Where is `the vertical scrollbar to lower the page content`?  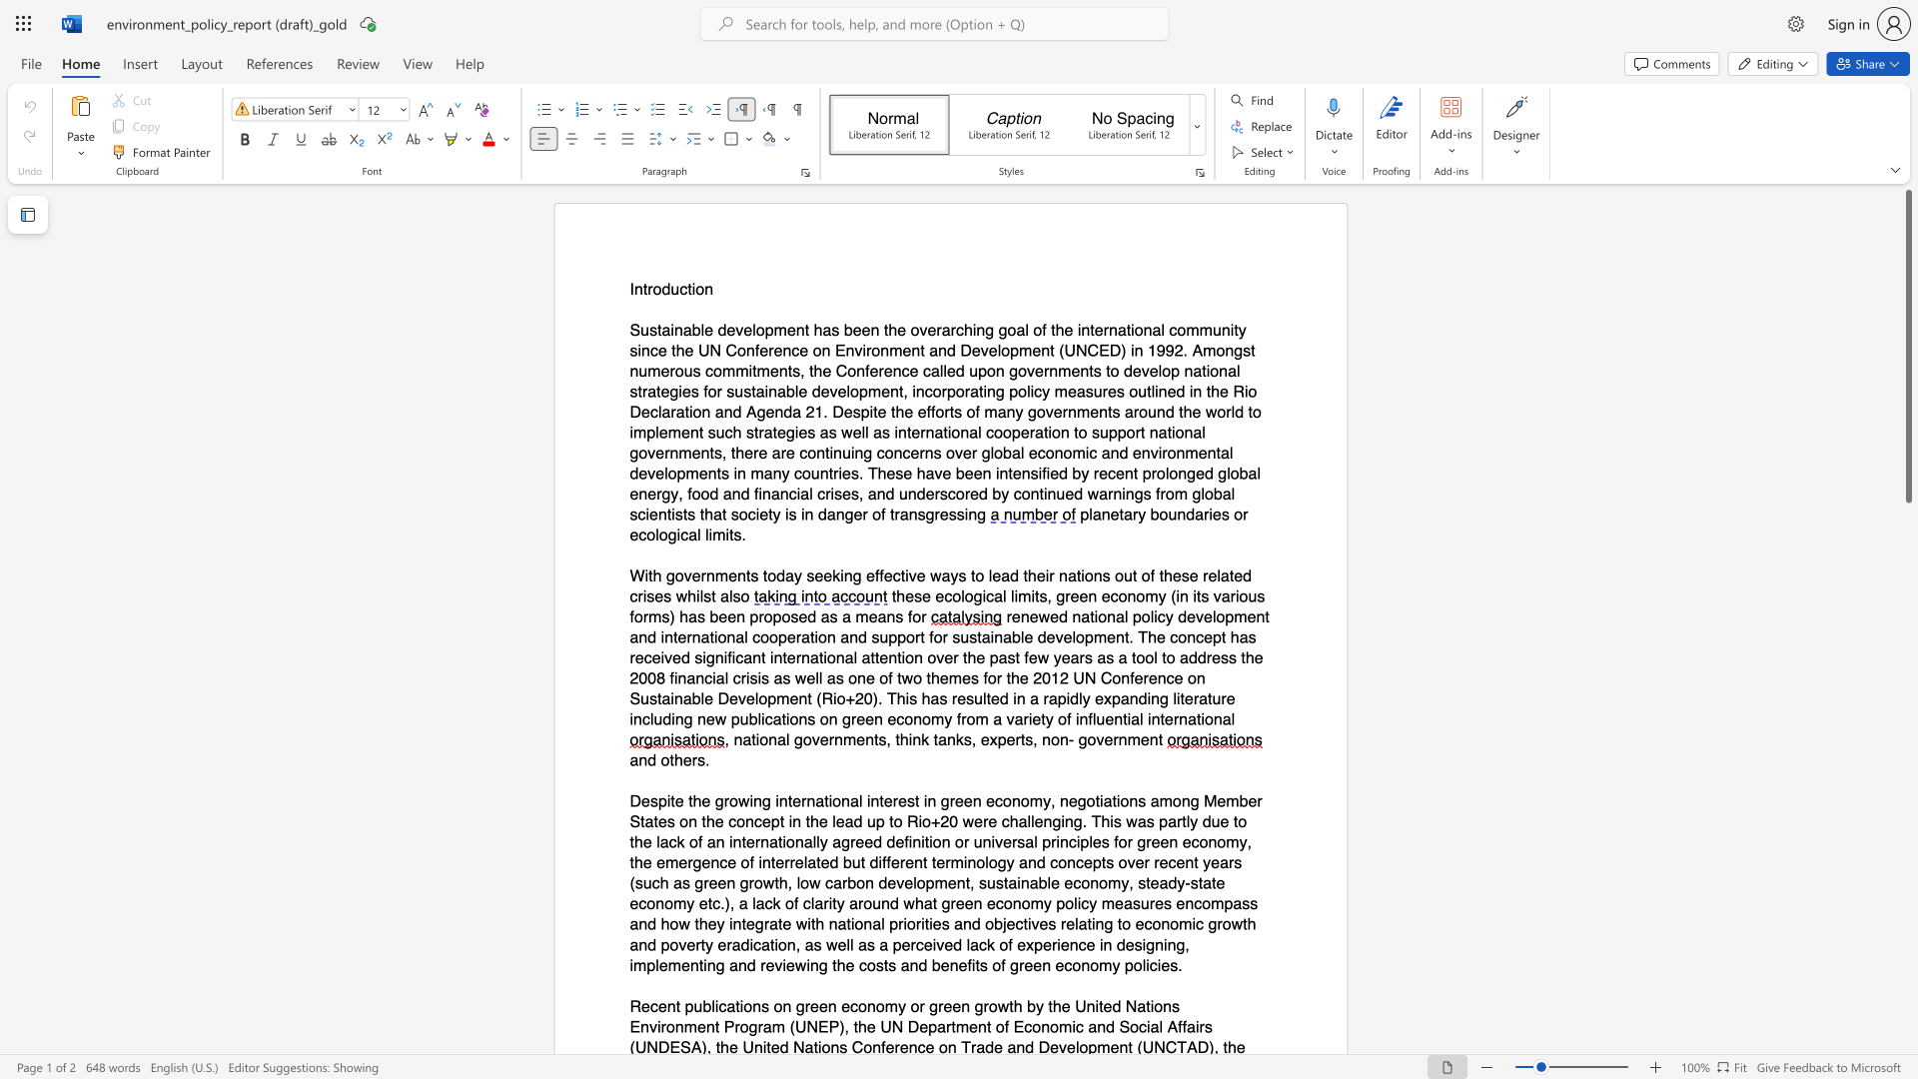
the vertical scrollbar to lower the page content is located at coordinates (1907, 919).